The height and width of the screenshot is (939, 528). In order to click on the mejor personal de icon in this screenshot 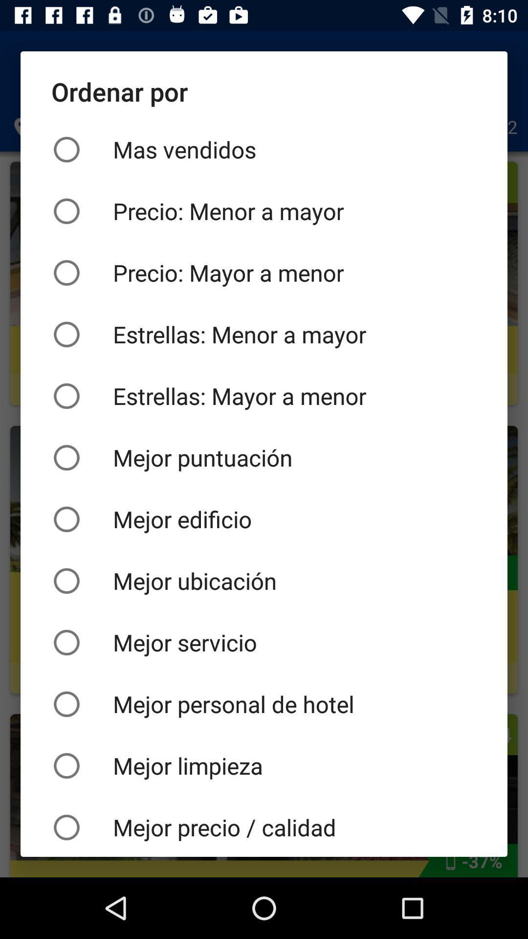, I will do `click(264, 704)`.